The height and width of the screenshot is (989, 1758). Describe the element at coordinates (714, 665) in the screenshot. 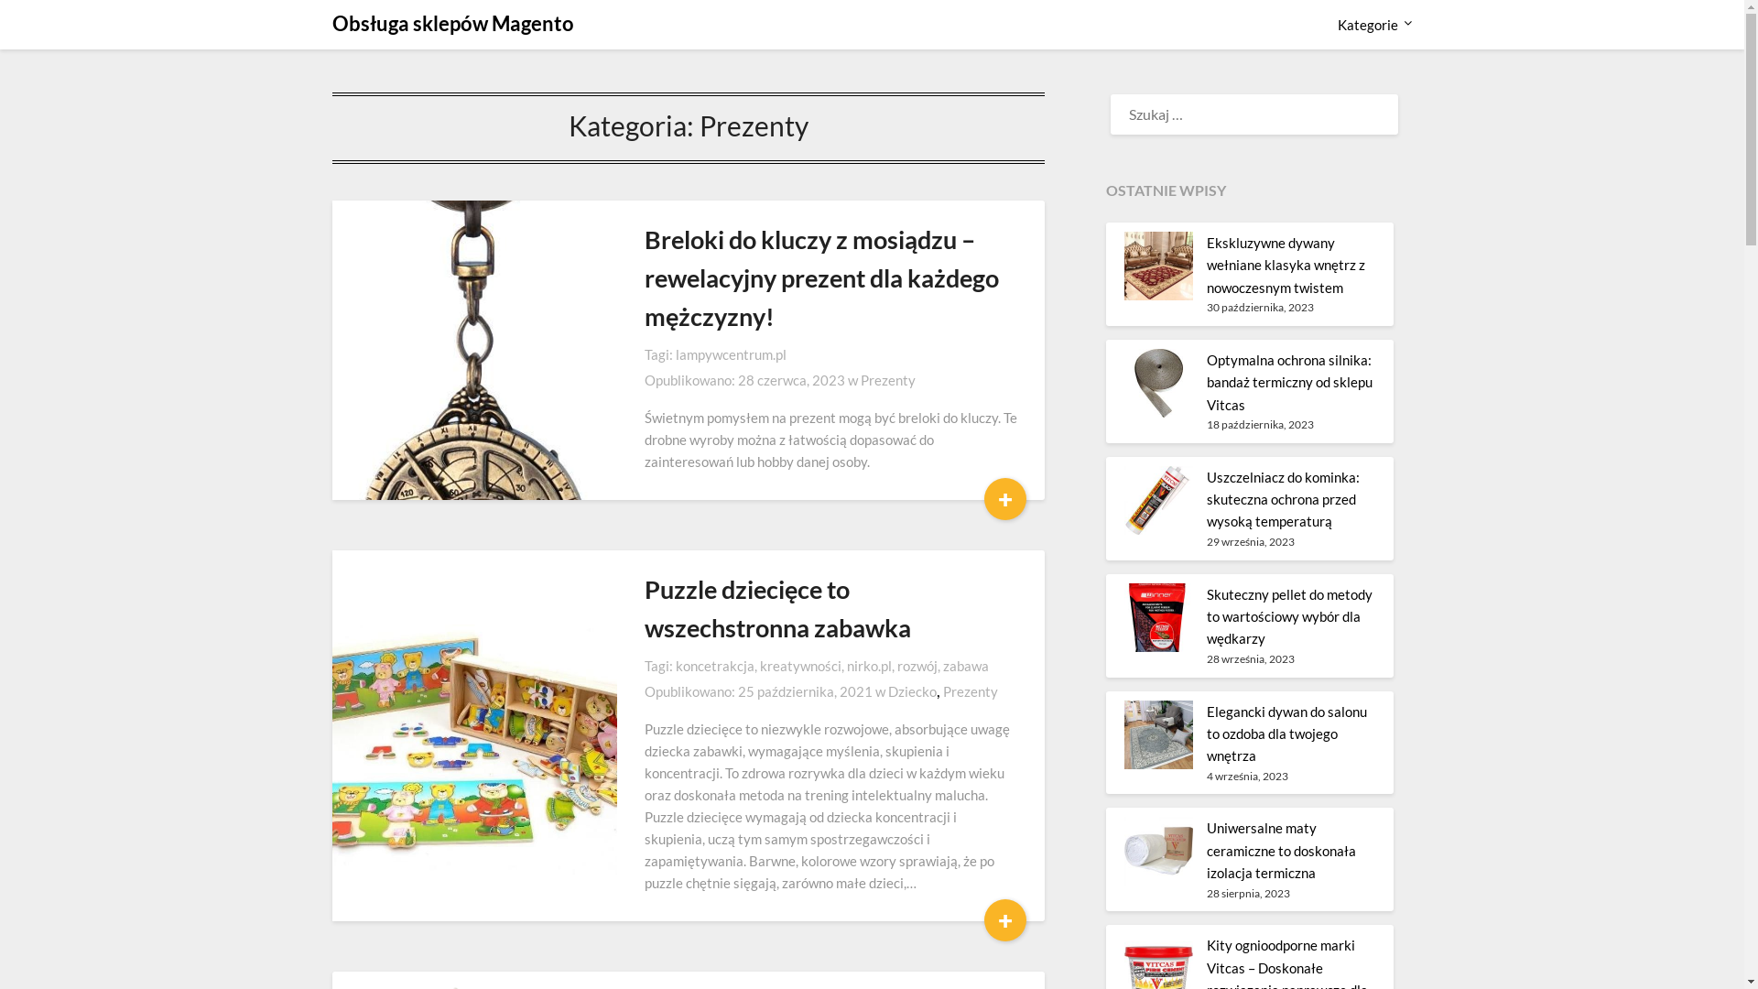

I see `'koncetrakcja'` at that location.